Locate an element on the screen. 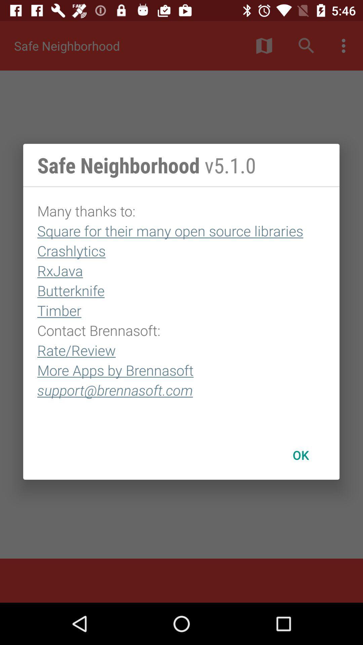 This screenshot has height=645, width=363. item above ok item is located at coordinates (181, 308).